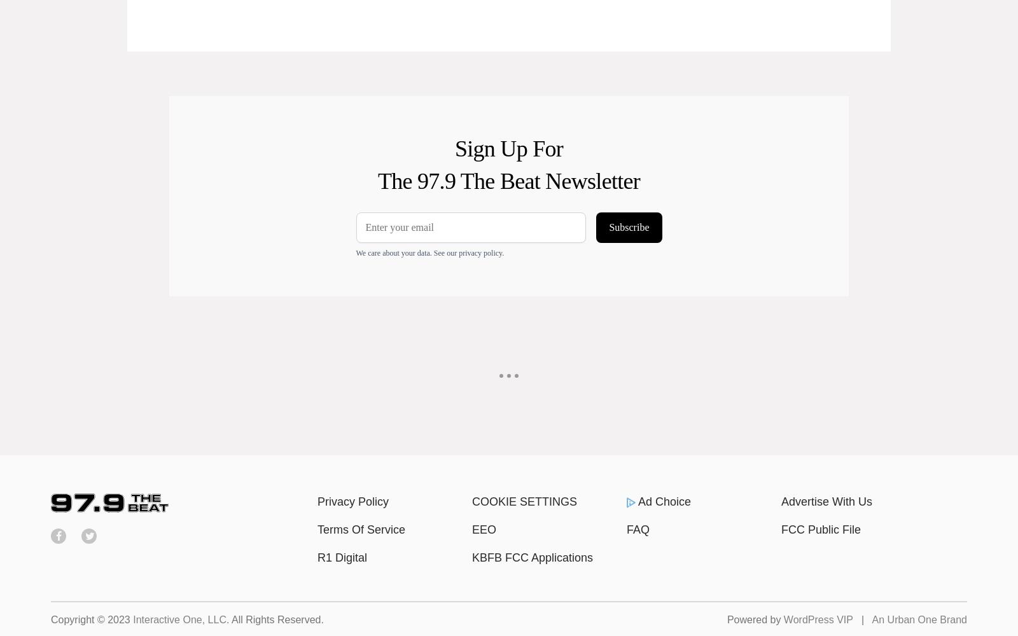  Describe the element at coordinates (861, 619) in the screenshot. I see `'|'` at that location.